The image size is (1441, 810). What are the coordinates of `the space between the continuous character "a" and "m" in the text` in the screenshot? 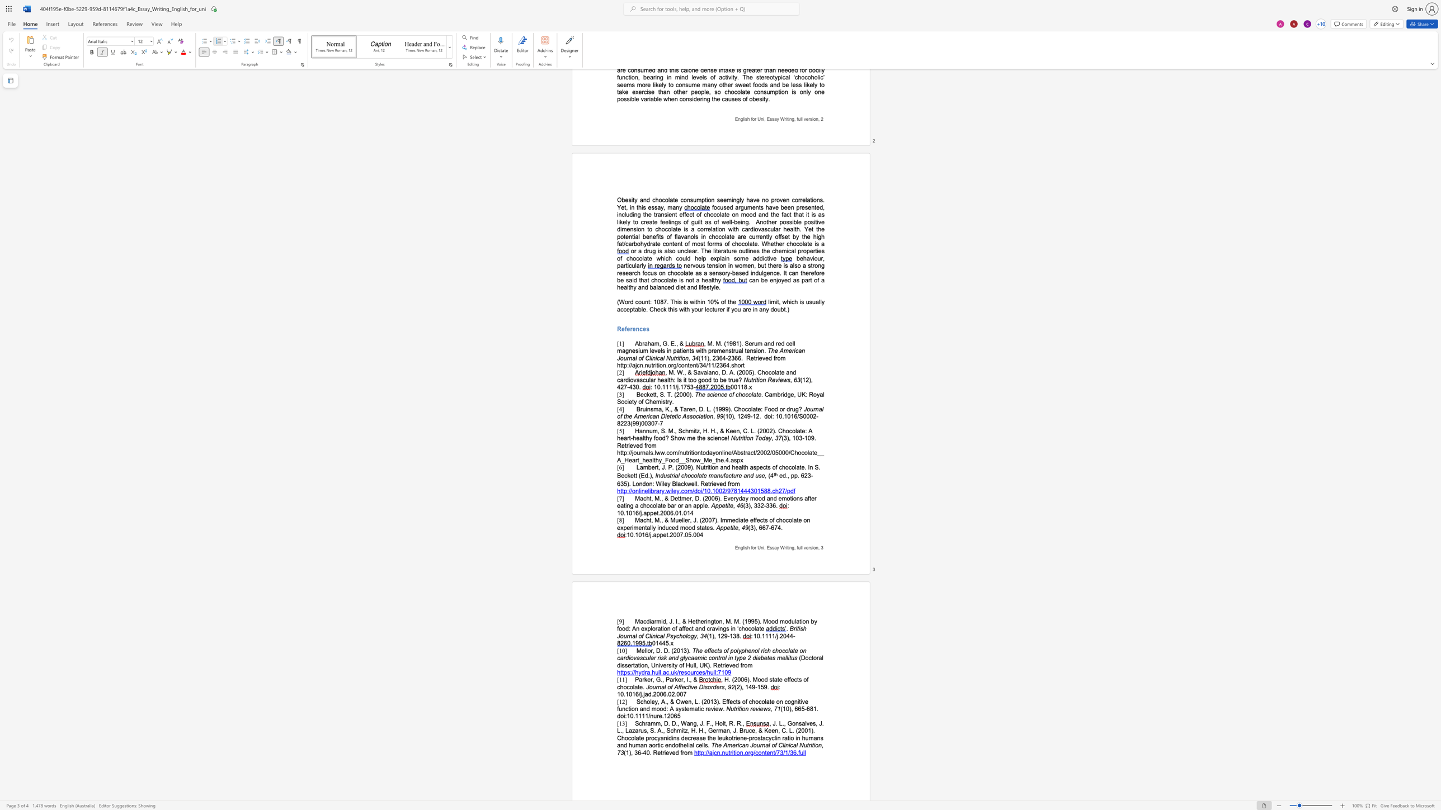 It's located at (643, 467).